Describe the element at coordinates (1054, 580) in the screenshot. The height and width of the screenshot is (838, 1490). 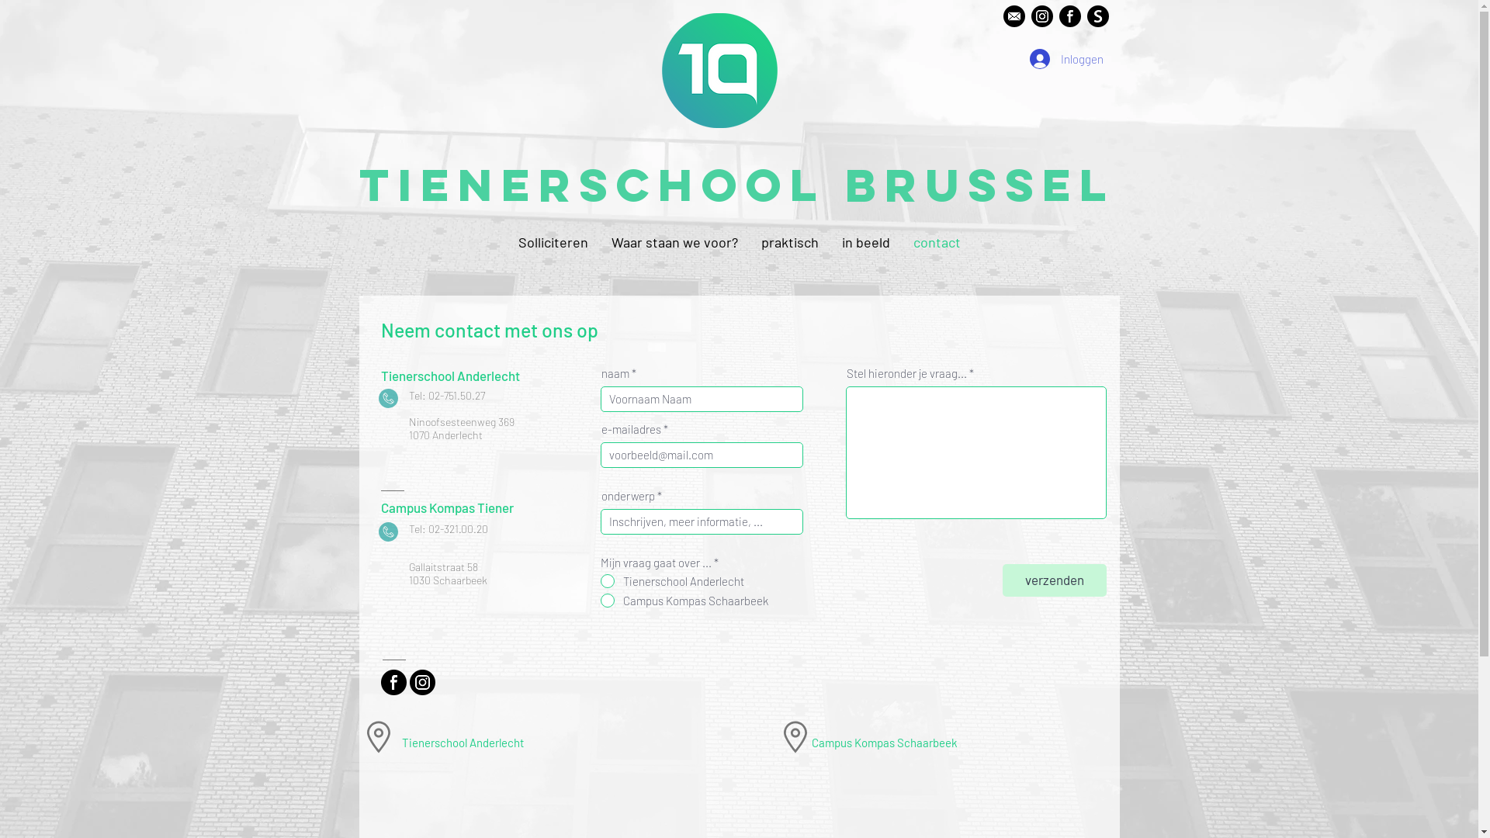
I see `'verzenden'` at that location.